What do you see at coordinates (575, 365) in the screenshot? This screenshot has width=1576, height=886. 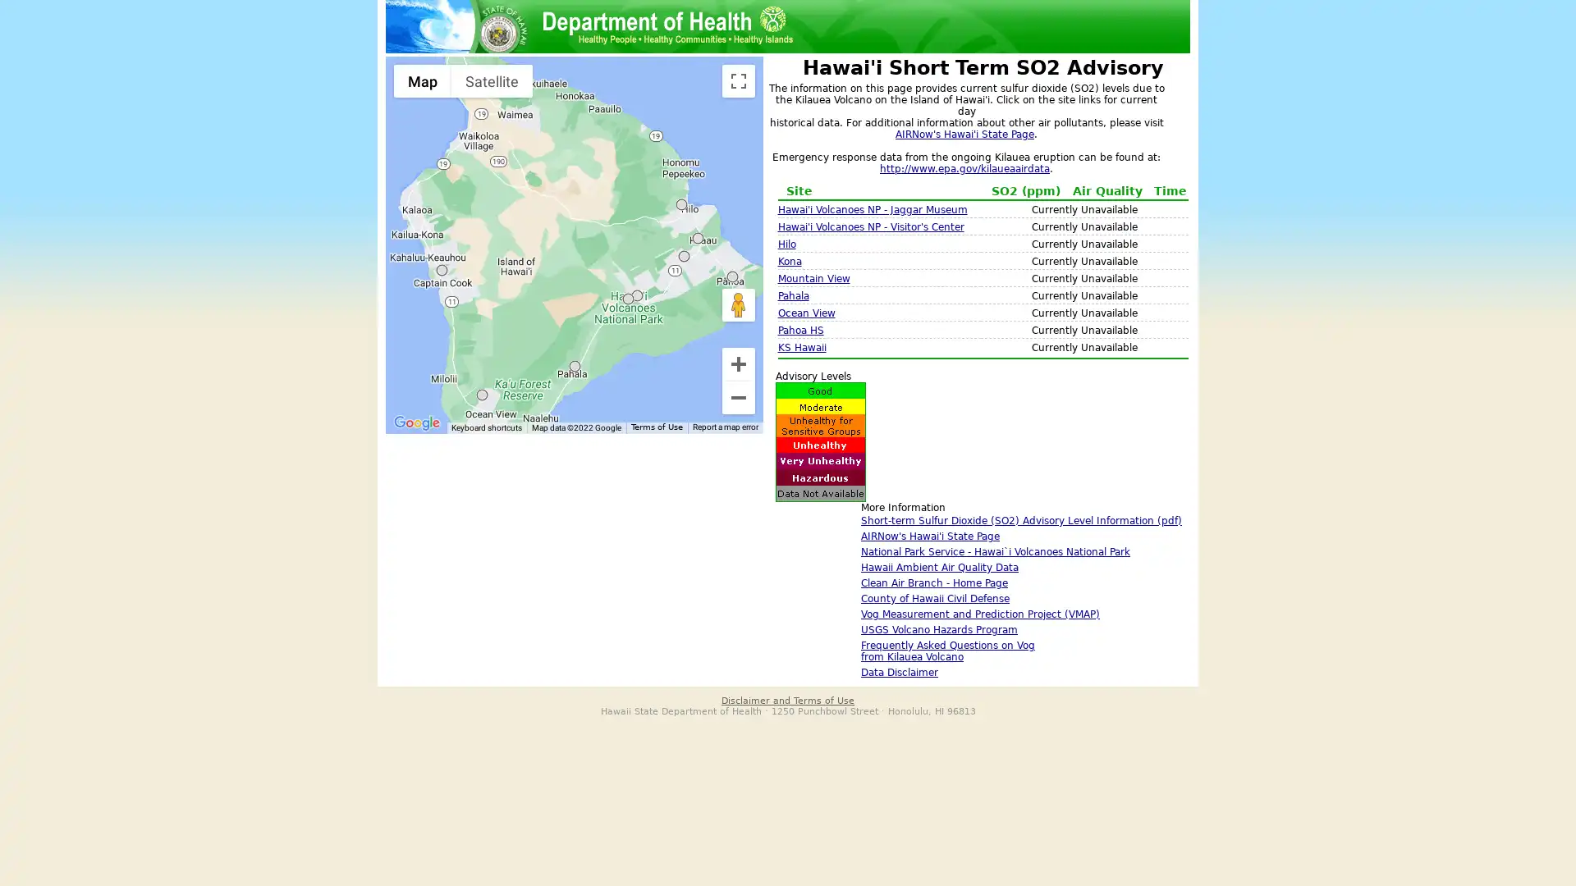 I see `Pahala: No Data` at bounding box center [575, 365].